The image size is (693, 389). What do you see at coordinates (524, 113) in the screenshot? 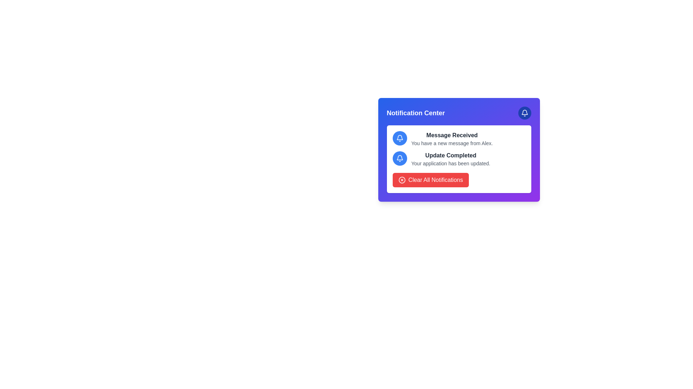
I see `the notification button located` at bounding box center [524, 113].